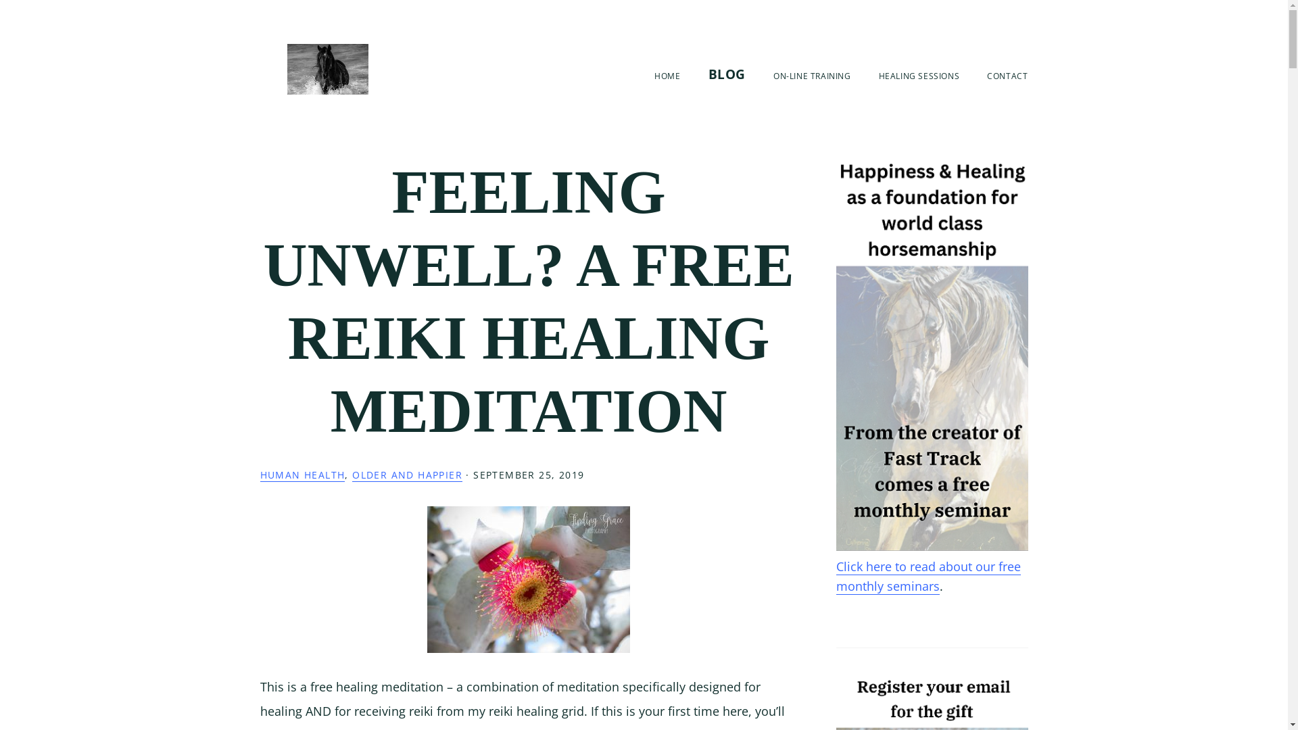  I want to click on 'Click here to read about our free monthly seminars', so click(927, 576).